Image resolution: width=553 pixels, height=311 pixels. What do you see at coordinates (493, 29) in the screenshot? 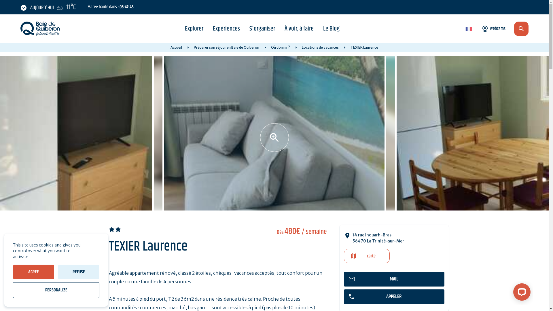
I see `'Webcams'` at bounding box center [493, 29].